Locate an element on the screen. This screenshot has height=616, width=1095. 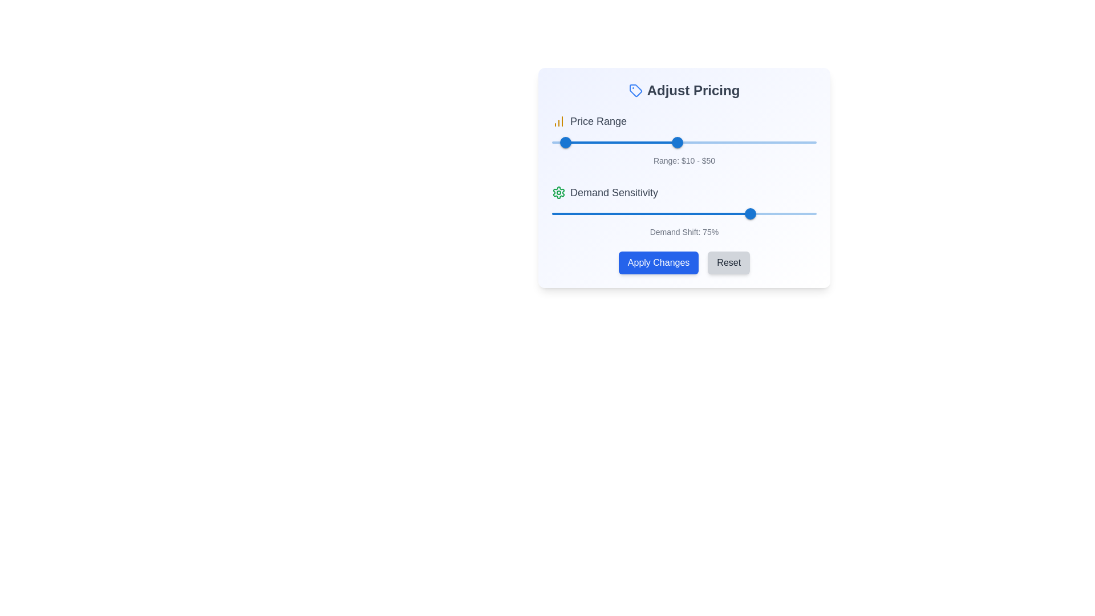
the price range slider is located at coordinates (680, 142).